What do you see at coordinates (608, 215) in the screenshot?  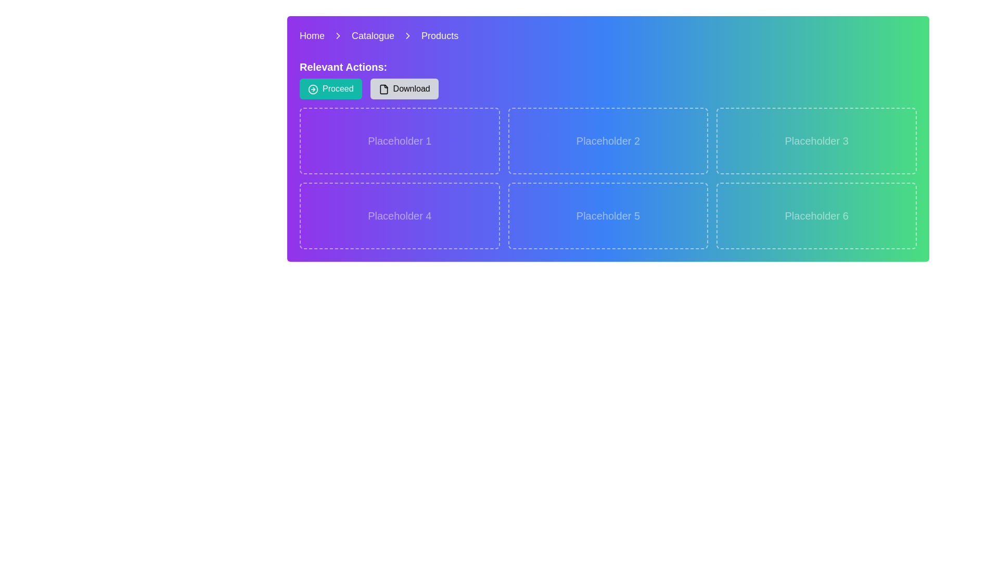 I see `the Placeholder box with a dashed border and light blue background that contains the text 'Placeholder 5'` at bounding box center [608, 215].